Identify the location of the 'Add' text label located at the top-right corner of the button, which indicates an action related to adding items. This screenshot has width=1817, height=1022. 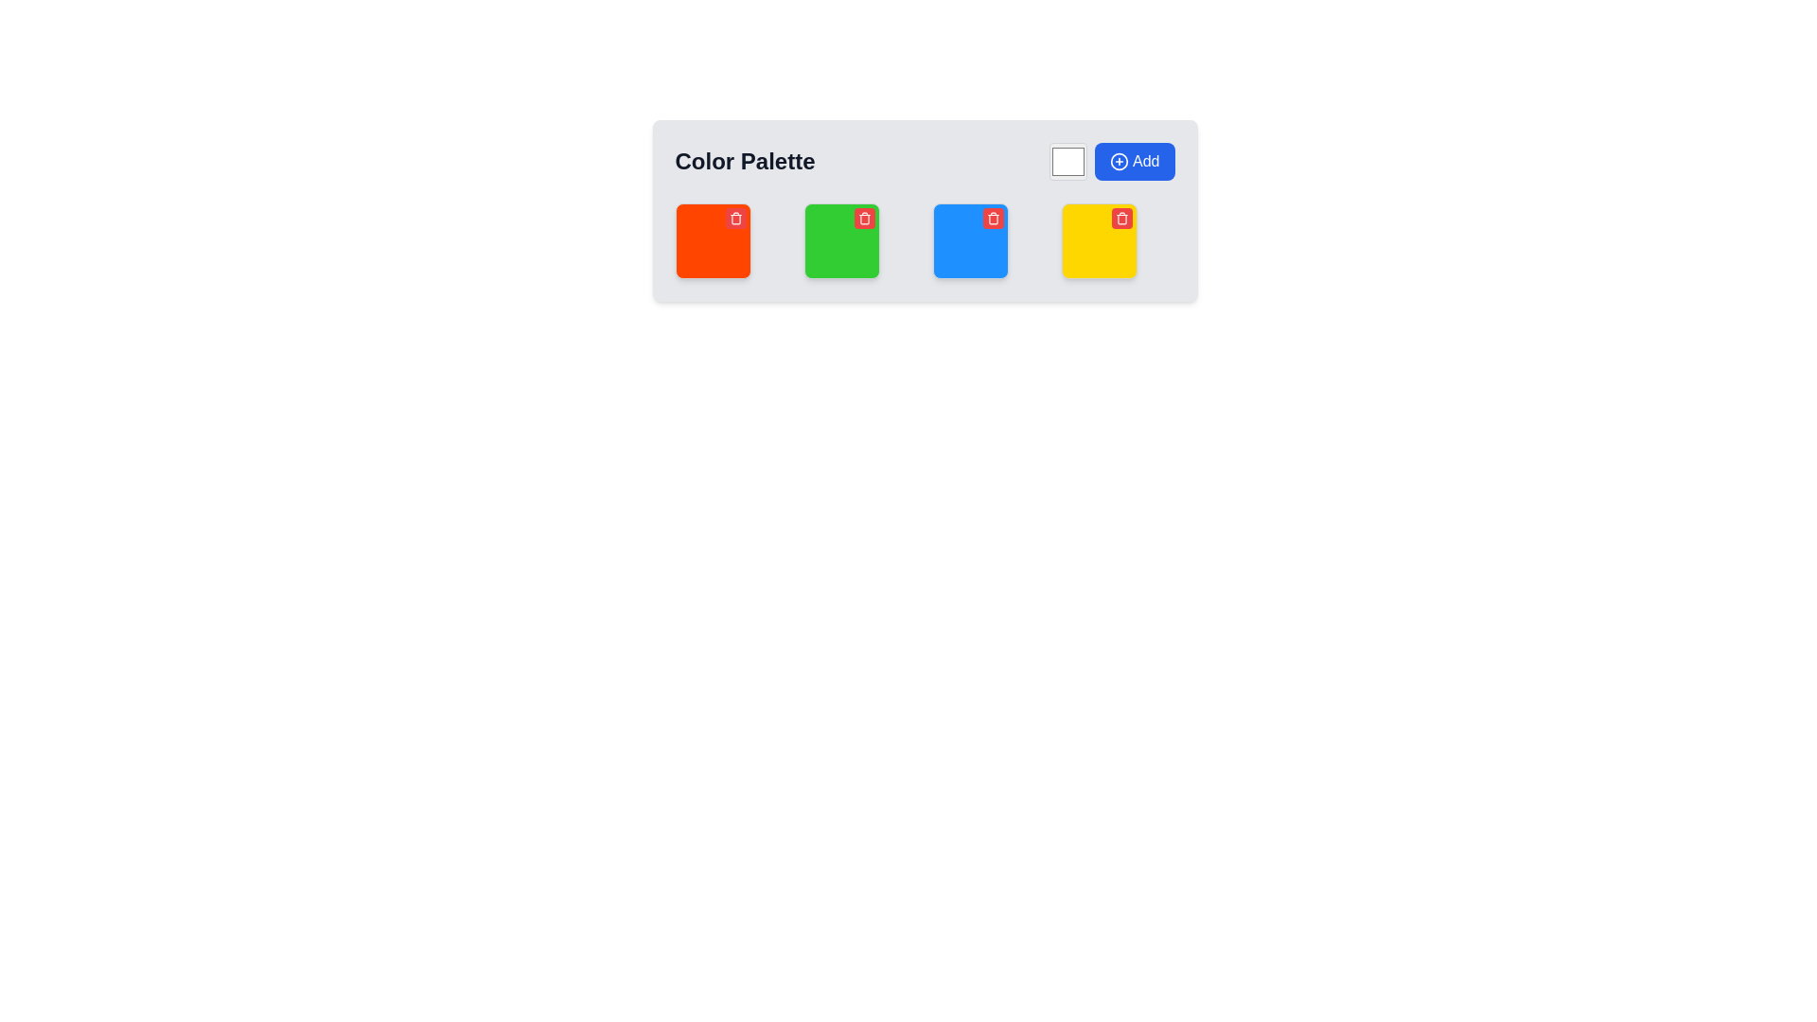
(1145, 160).